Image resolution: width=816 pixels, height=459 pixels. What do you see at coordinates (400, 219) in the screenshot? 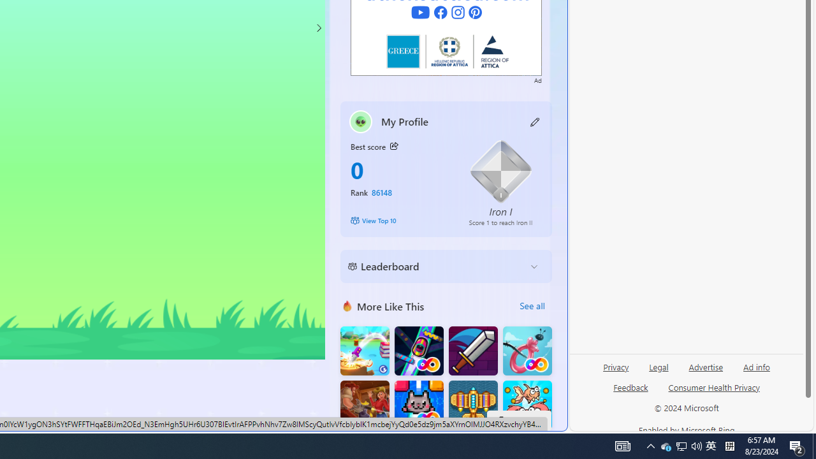
I see `'View Top 10'` at bounding box center [400, 219].